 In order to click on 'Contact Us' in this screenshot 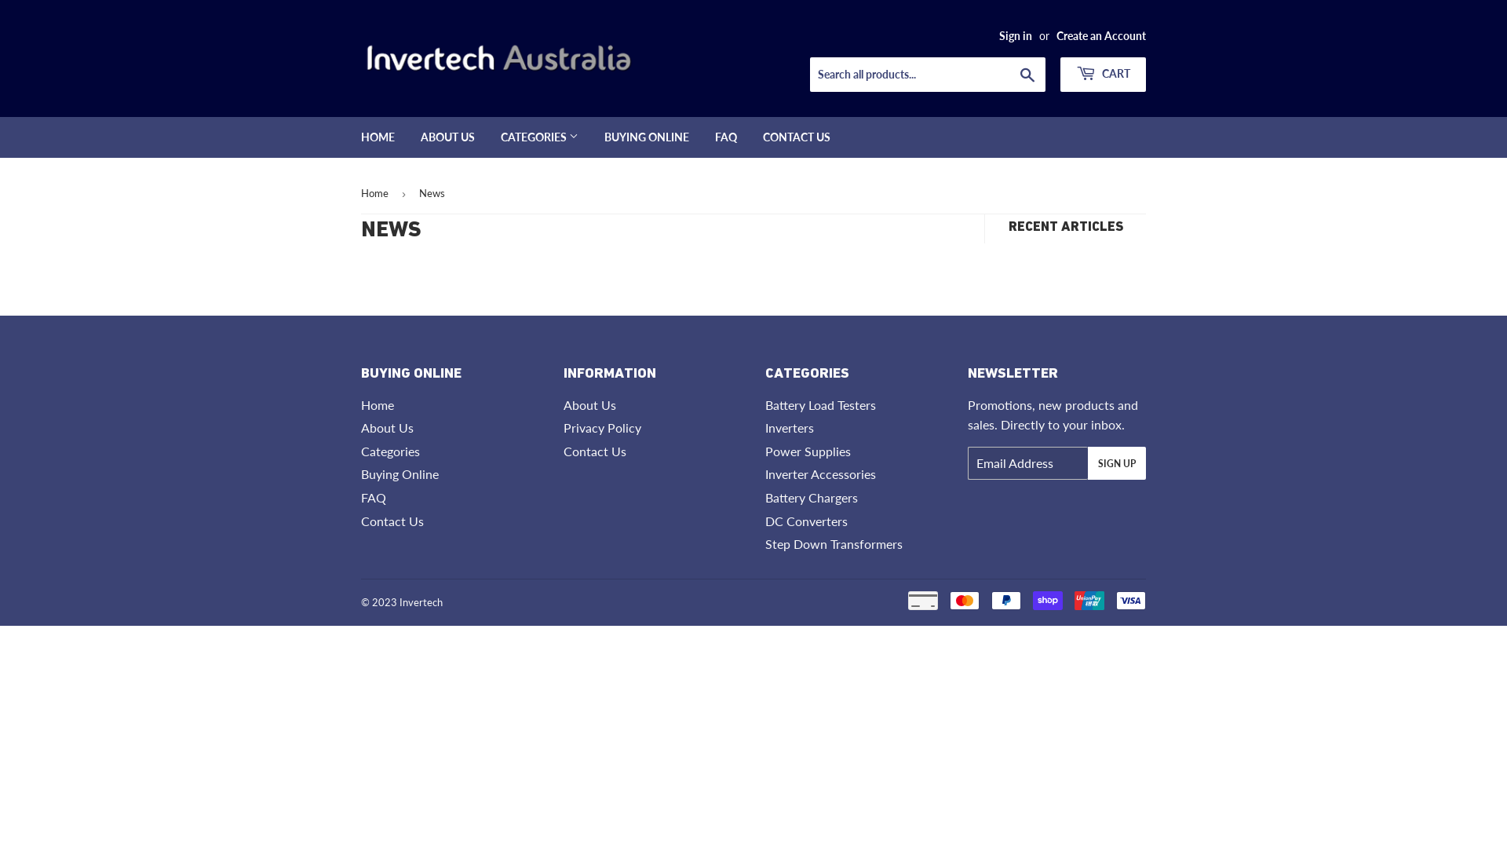, I will do `click(594, 451)`.